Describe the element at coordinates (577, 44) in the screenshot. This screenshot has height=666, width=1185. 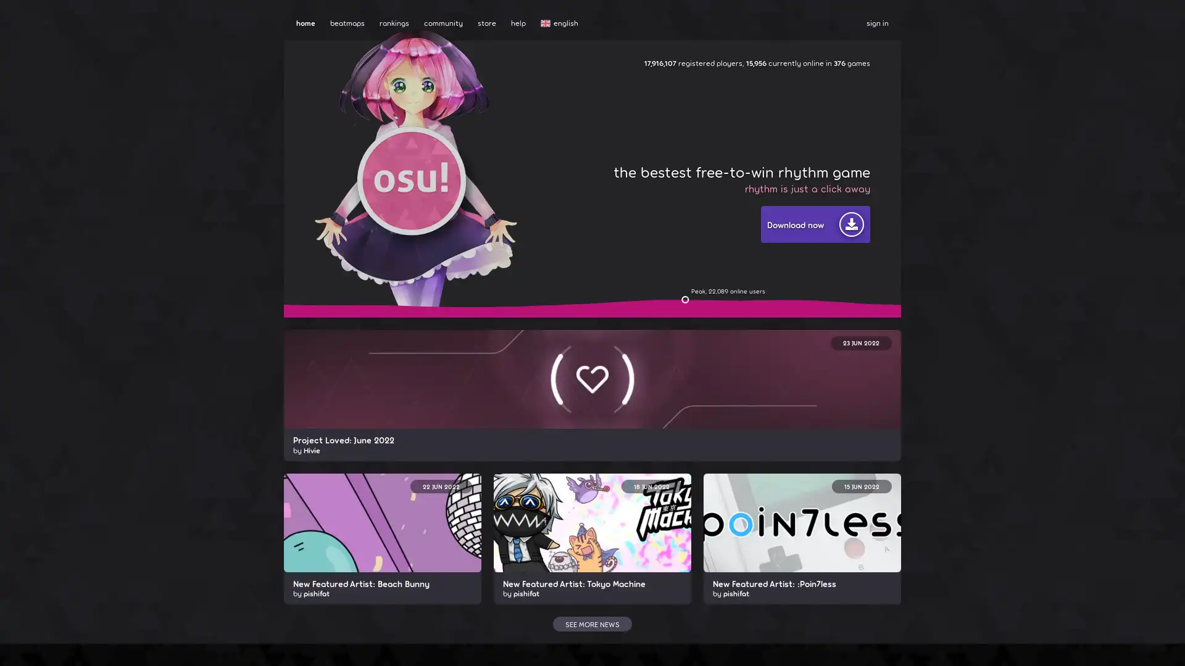
I see `english` at that location.